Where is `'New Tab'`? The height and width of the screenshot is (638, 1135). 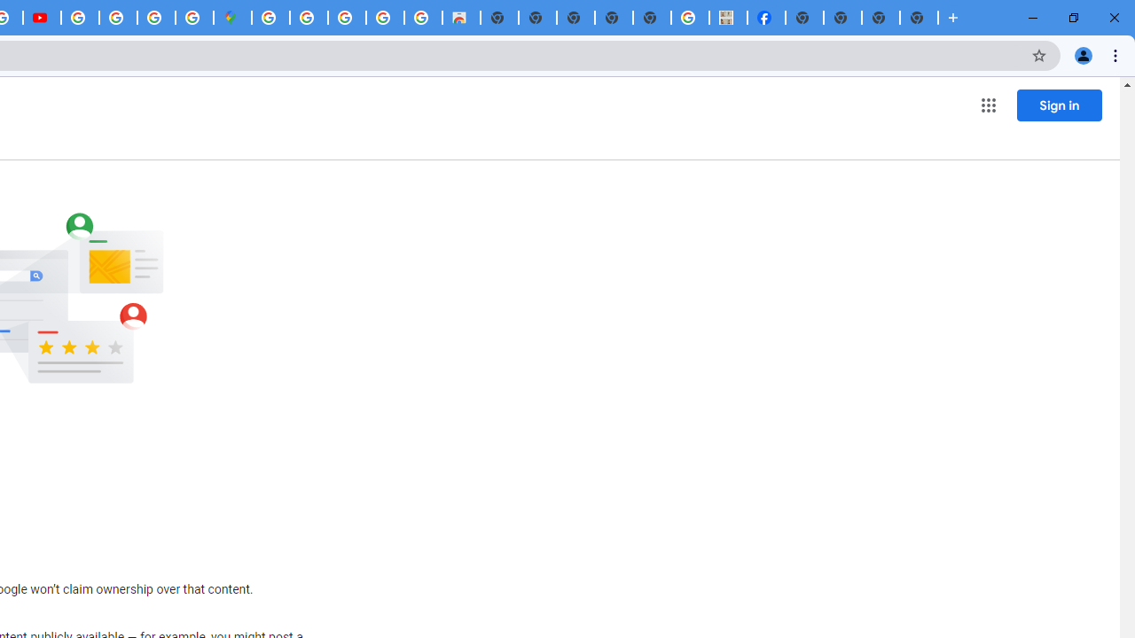 'New Tab' is located at coordinates (919, 18).